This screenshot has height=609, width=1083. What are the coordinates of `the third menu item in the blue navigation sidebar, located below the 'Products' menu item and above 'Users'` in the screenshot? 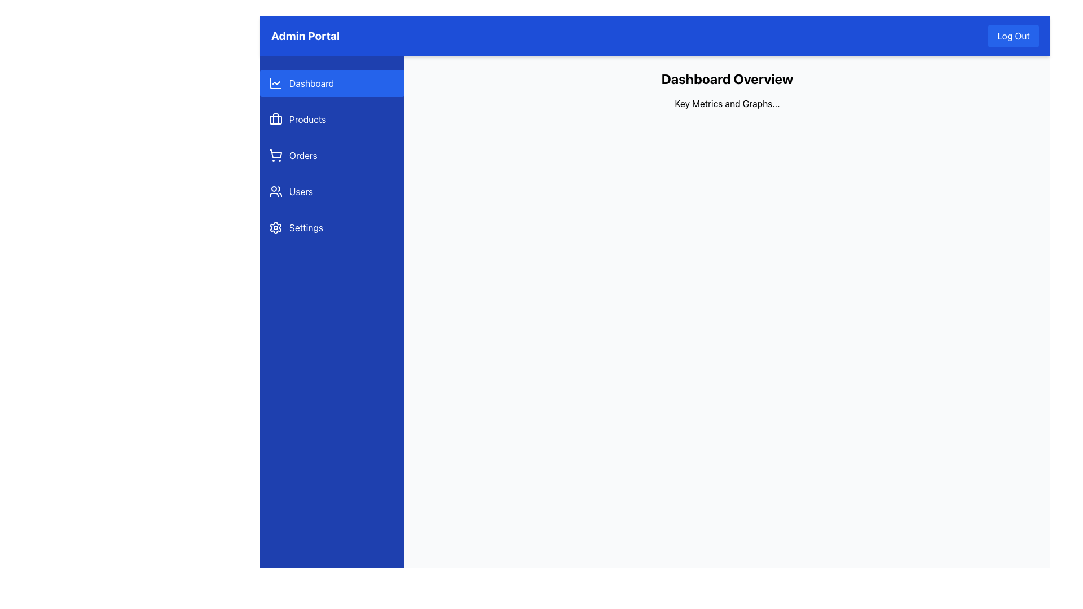 It's located at (332, 156).